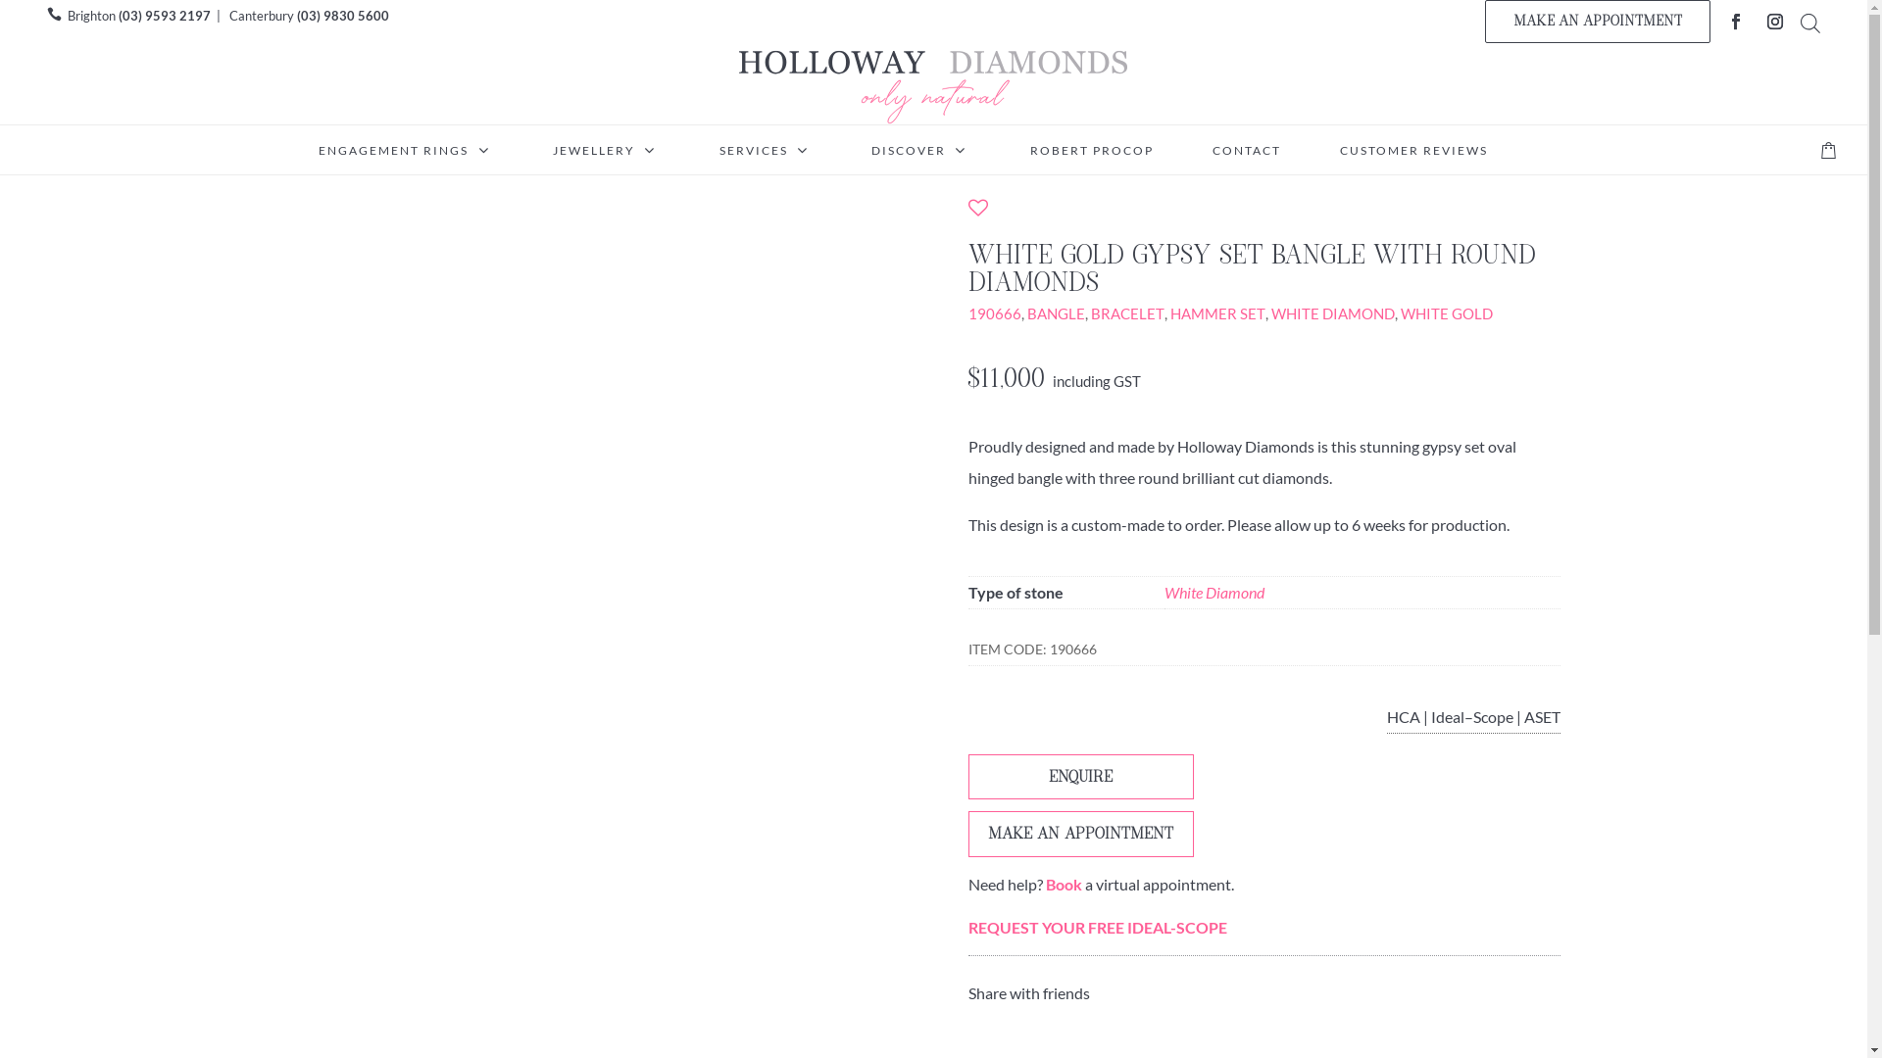 Image resolution: width=1882 pixels, height=1058 pixels. What do you see at coordinates (1447, 313) in the screenshot?
I see `'WHITE GOLD'` at bounding box center [1447, 313].